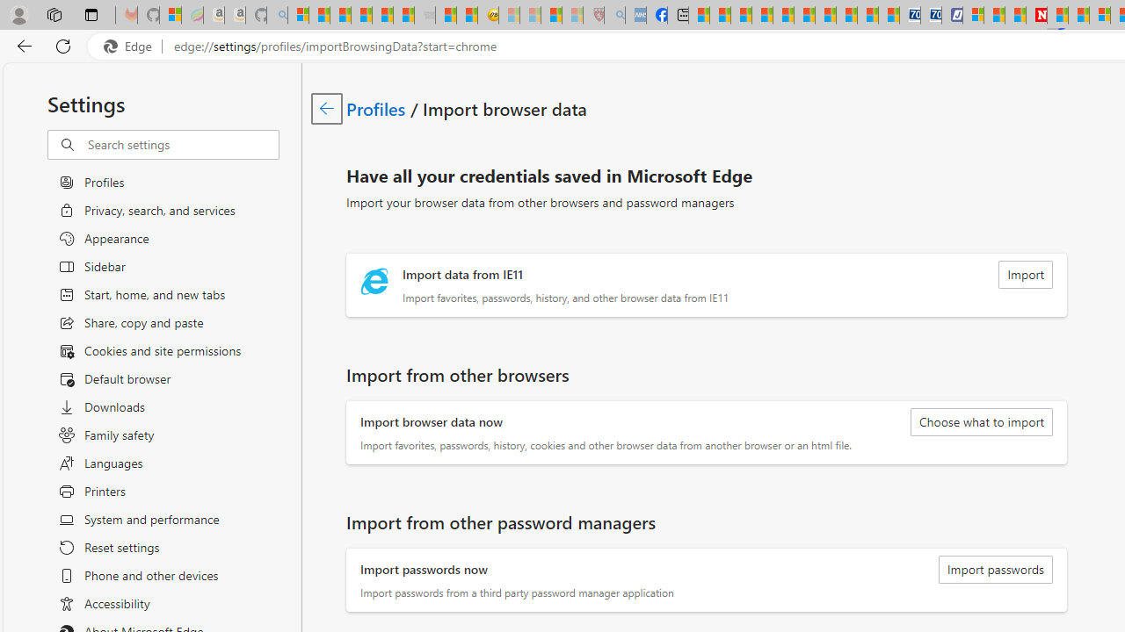 The width and height of the screenshot is (1125, 632). What do you see at coordinates (425, 15) in the screenshot?
I see `'Combat Siege - Sleeping'` at bounding box center [425, 15].